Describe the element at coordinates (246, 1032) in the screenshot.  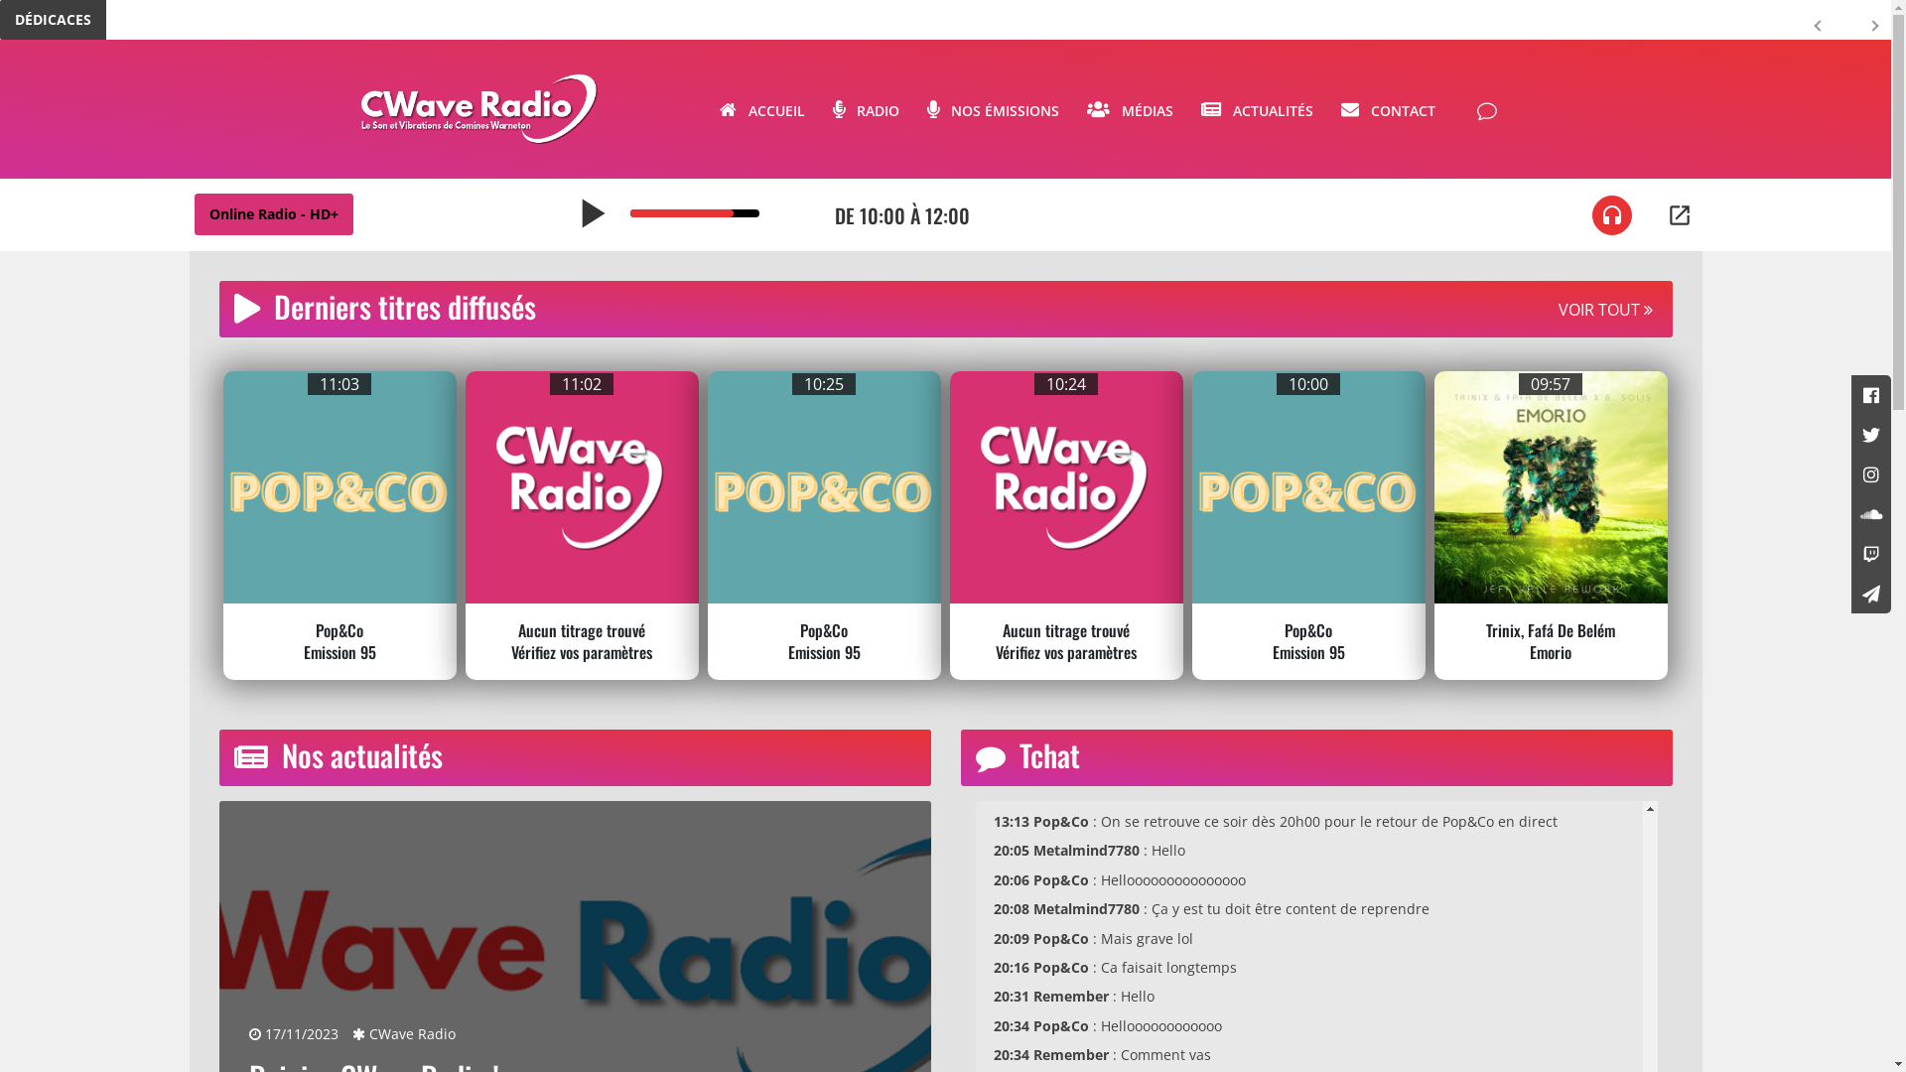
I see `'17/11/2023'` at that location.